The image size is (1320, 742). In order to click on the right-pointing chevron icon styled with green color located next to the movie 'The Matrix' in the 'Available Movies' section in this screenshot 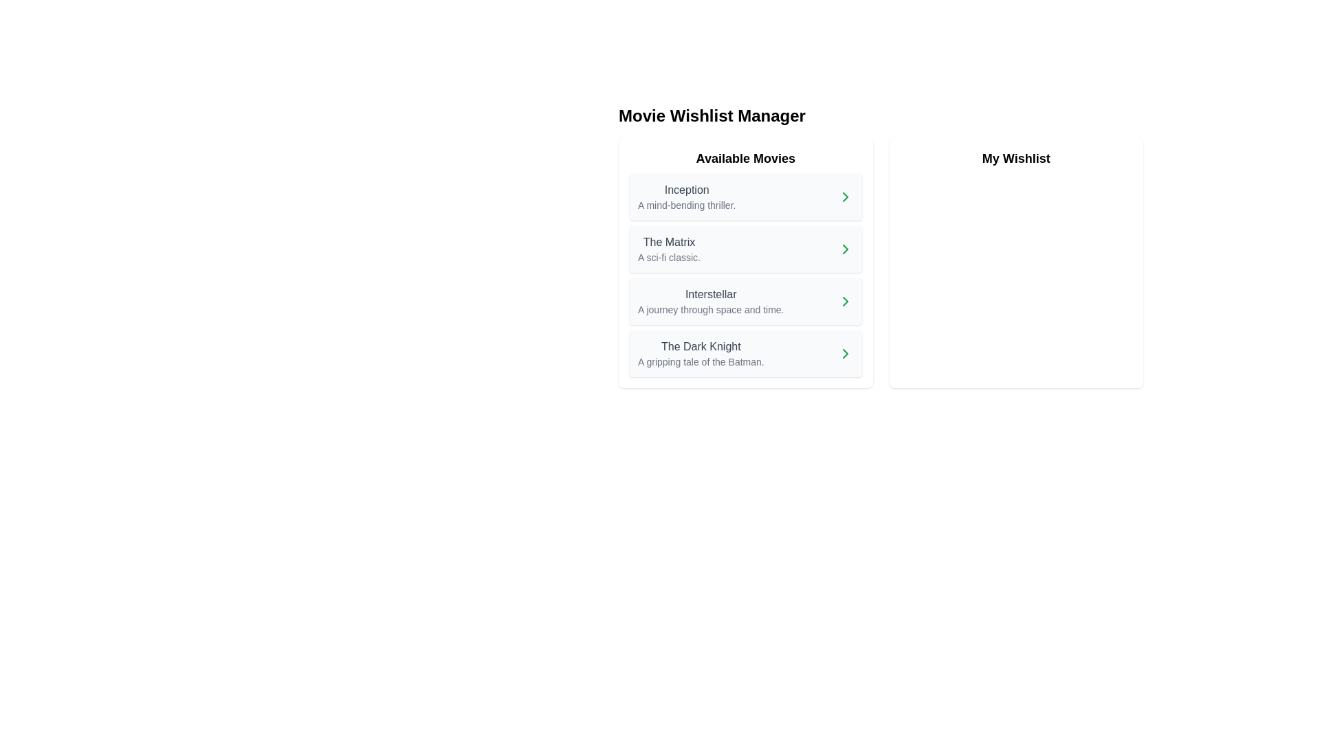, I will do `click(844, 249)`.